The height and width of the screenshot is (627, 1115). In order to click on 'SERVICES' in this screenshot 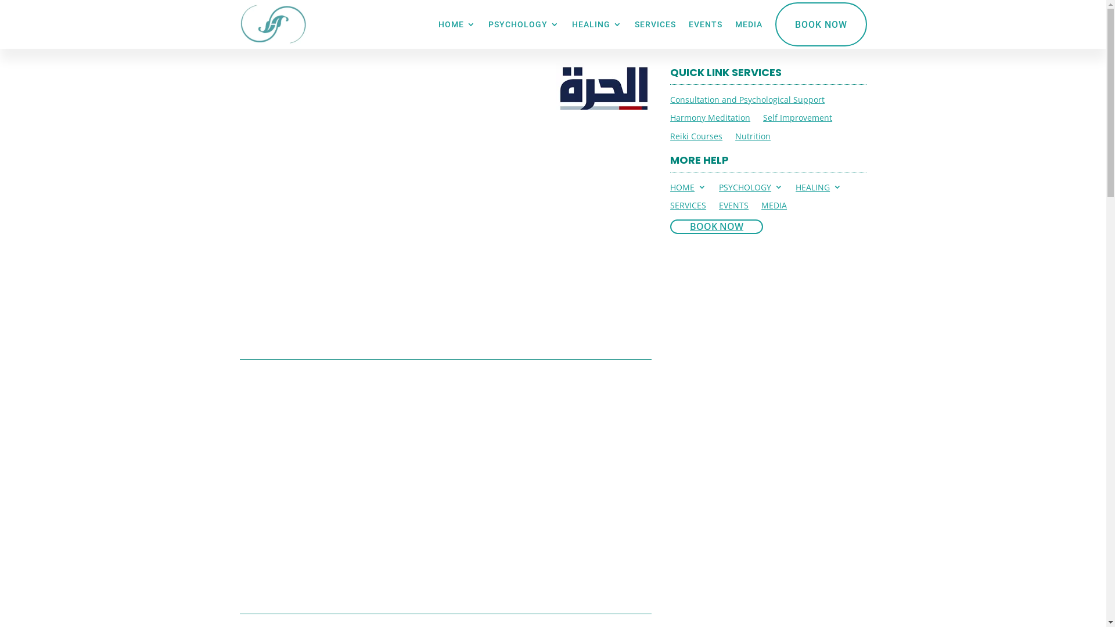, I will do `click(688, 207)`.